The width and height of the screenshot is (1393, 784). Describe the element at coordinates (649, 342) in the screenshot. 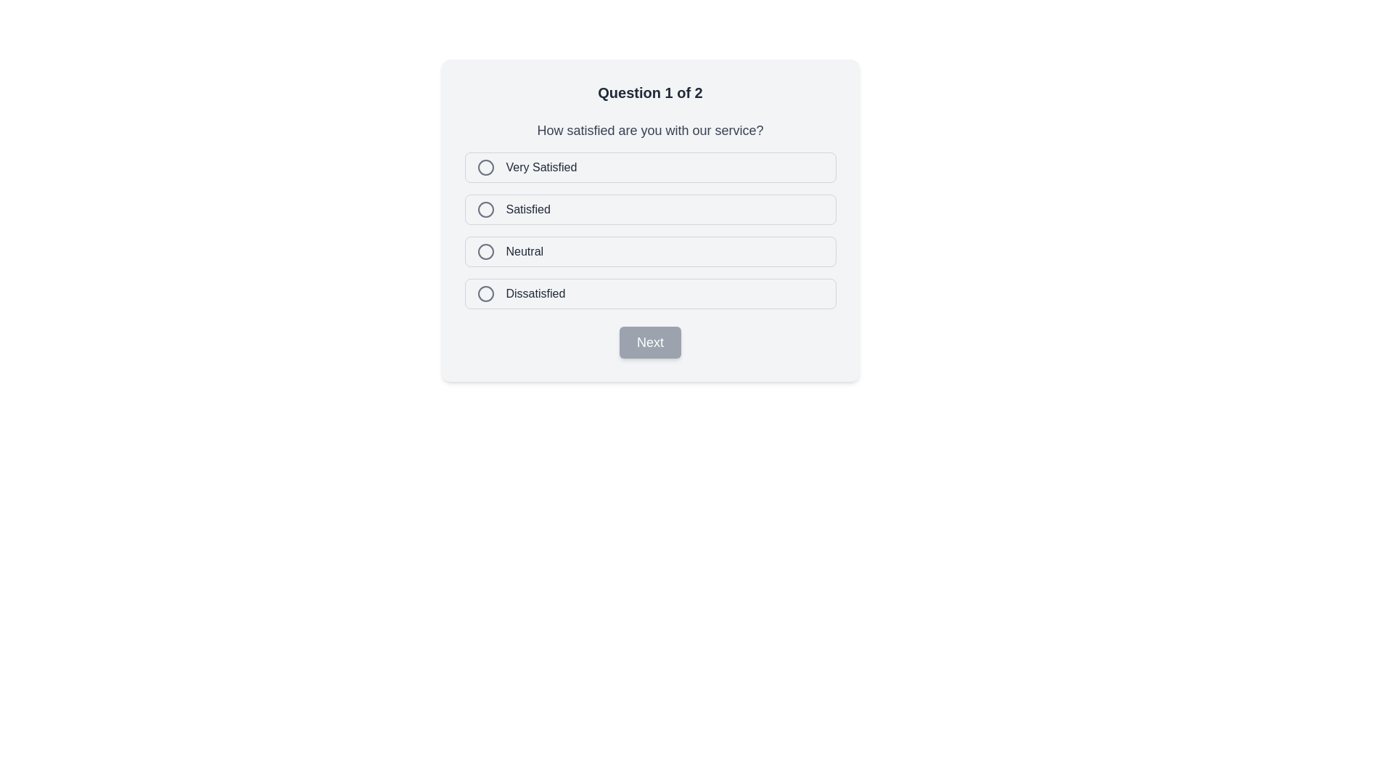

I see `the navigation button located beneath the radio button options, which allows users to proceed to the next page or step` at that location.